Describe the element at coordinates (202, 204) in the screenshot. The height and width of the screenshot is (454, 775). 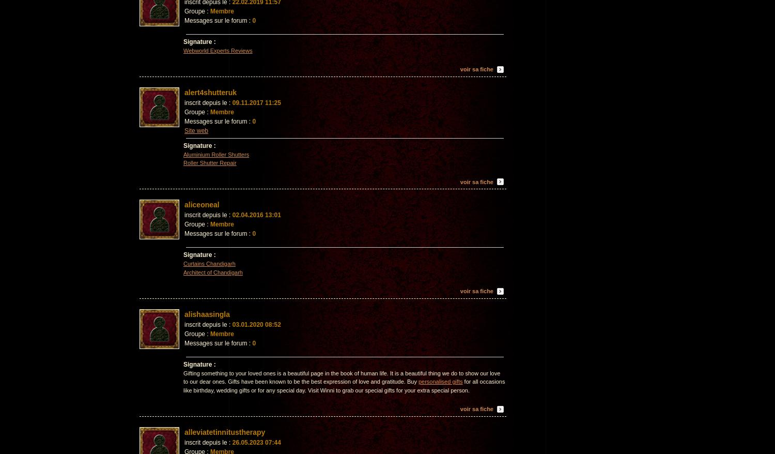
I see `'aliceoneal'` at that location.